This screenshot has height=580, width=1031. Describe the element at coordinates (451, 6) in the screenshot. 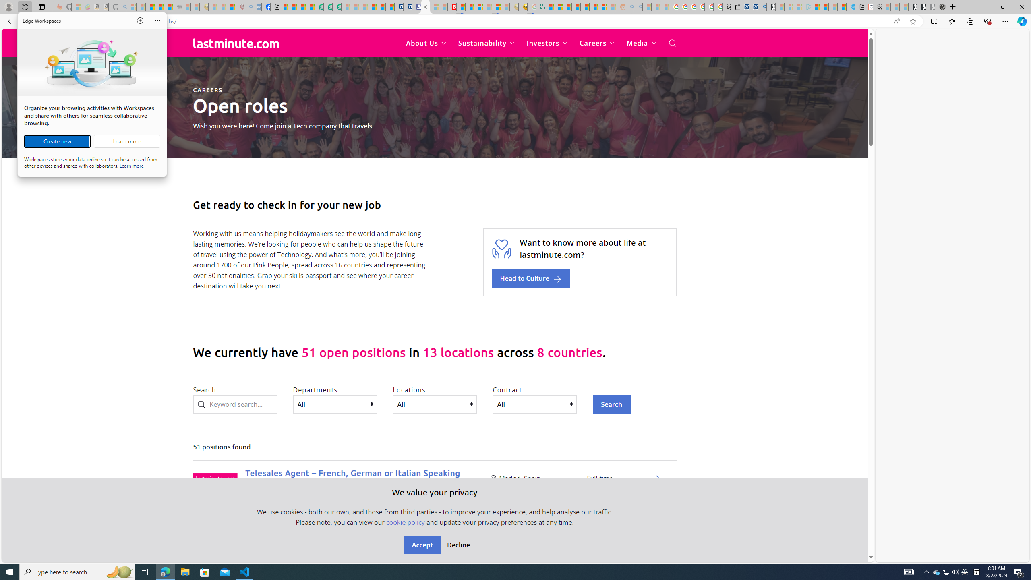

I see `'Latest Politics News & Archive | Newsweek.com'` at that location.